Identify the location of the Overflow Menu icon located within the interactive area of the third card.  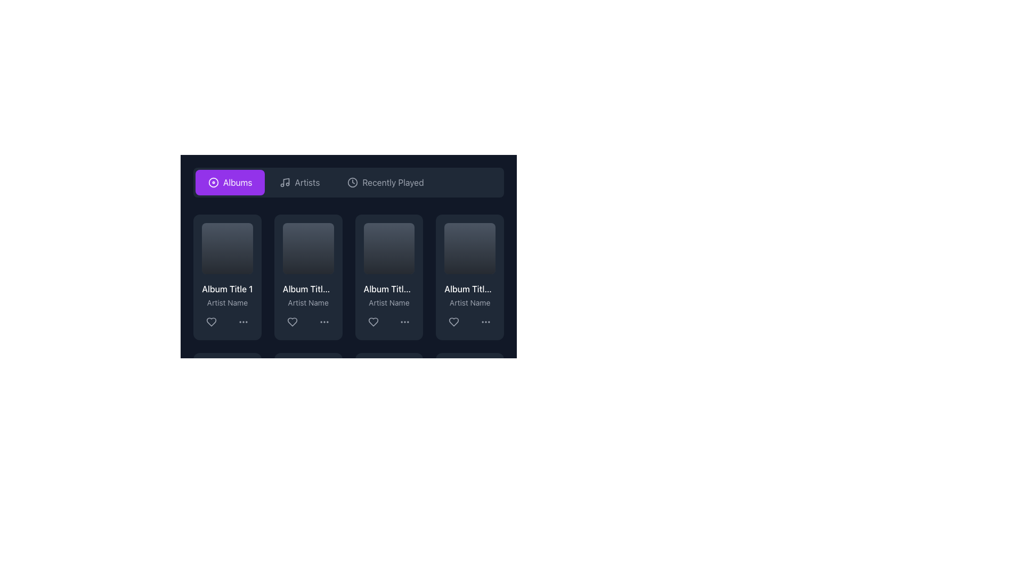
(404, 321).